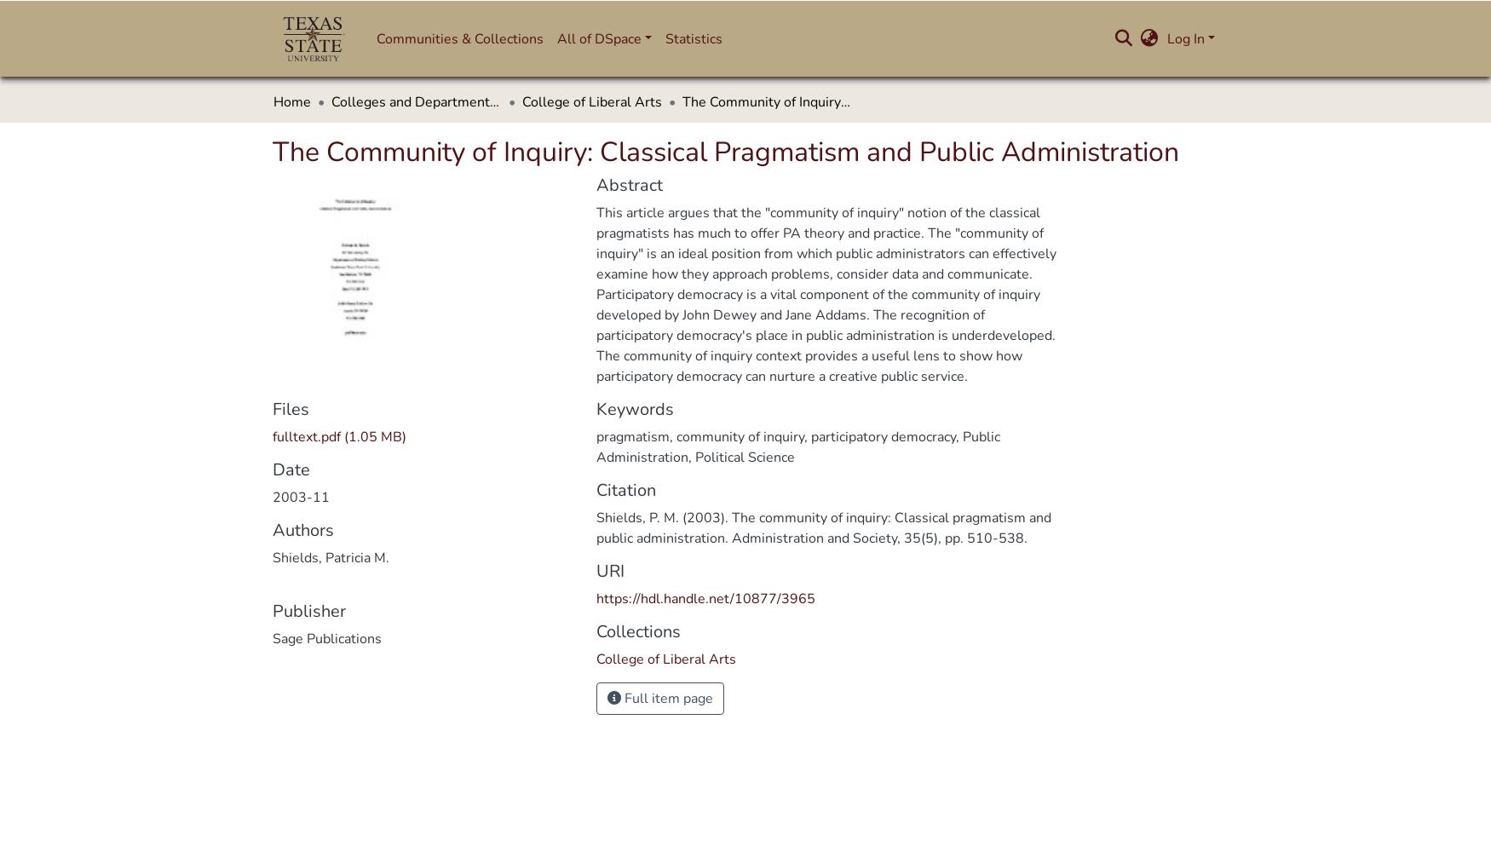 This screenshot has width=1491, height=852. I want to click on 'Public Administration', so click(596, 447).